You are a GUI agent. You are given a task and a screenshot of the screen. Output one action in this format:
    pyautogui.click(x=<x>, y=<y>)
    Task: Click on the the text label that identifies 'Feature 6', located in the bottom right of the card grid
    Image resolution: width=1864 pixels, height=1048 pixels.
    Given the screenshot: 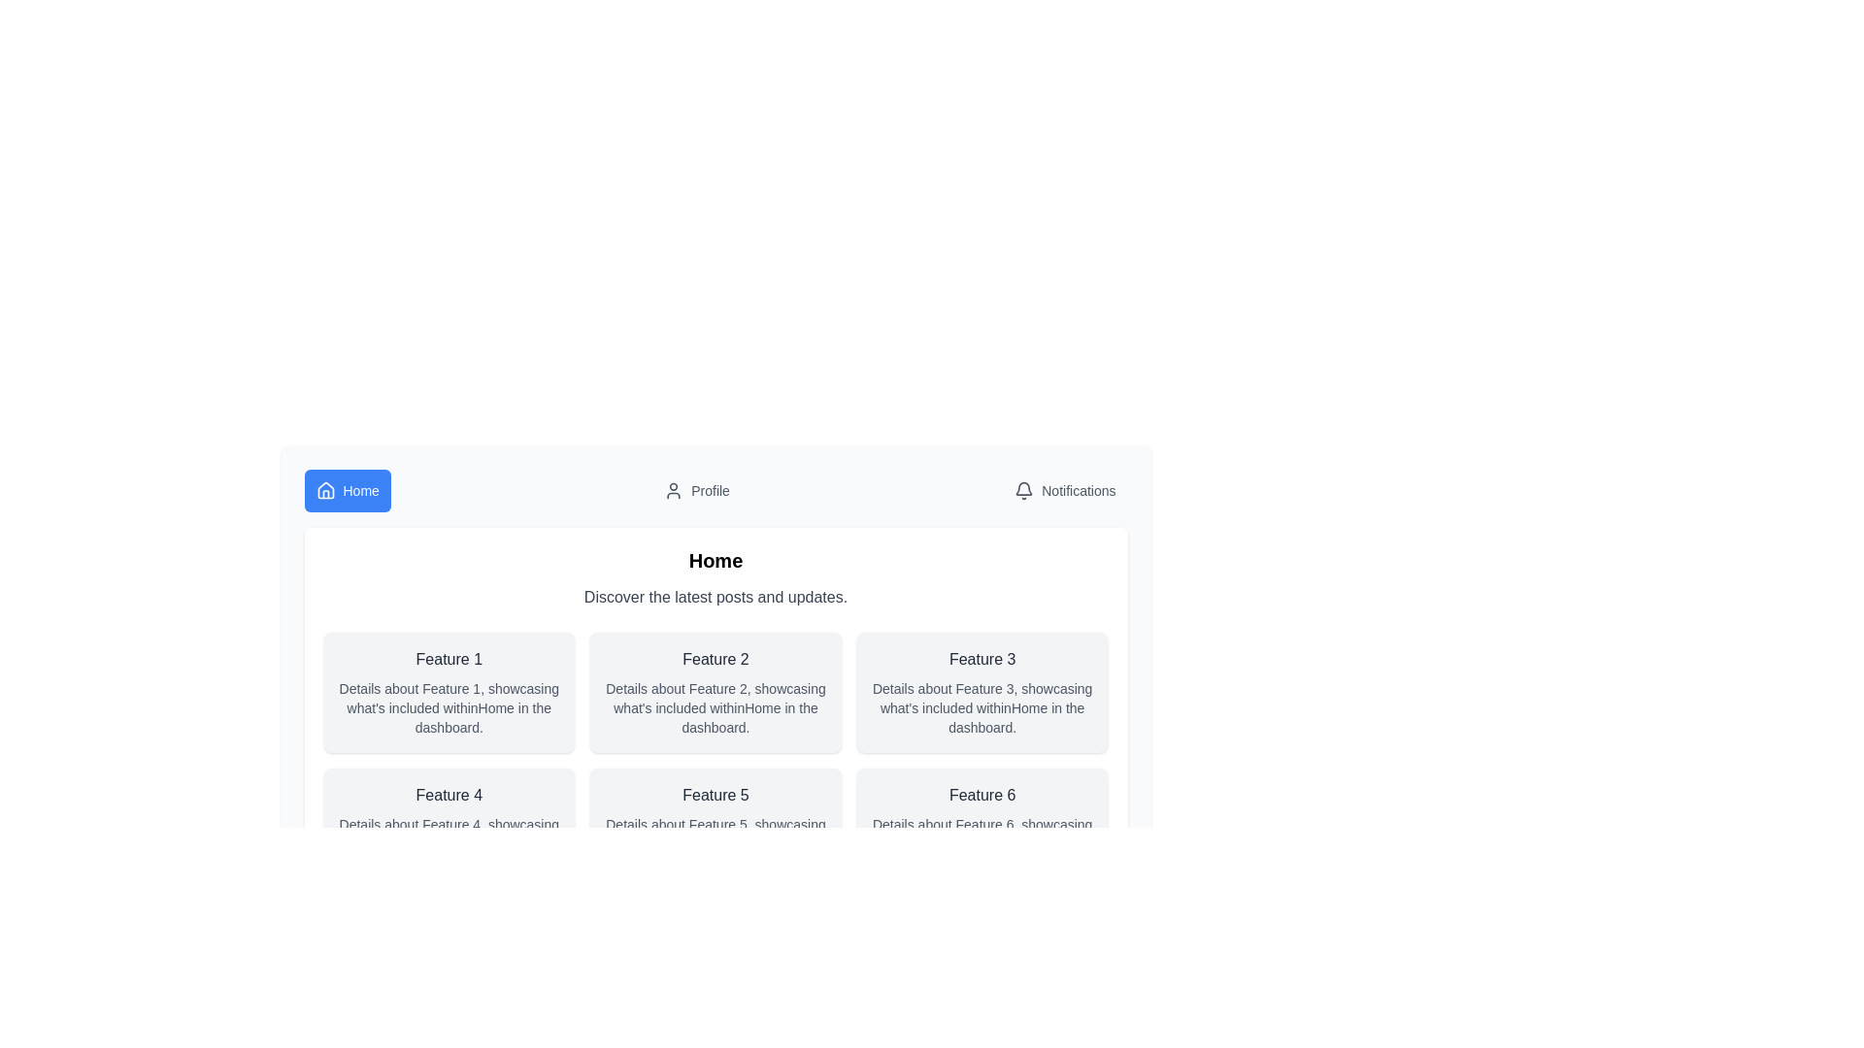 What is the action you would take?
    pyautogui.click(x=982, y=796)
    